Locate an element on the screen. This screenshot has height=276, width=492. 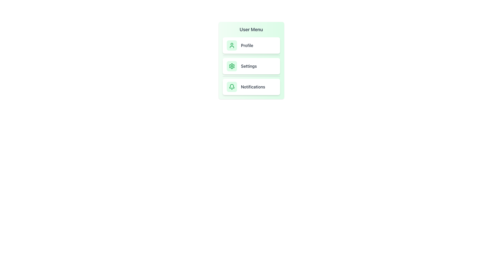
the user profile icon located within the 'Profile' button in the user menu, which serves as a decorative or indicative icon representing the user profile option is located at coordinates (231, 45).